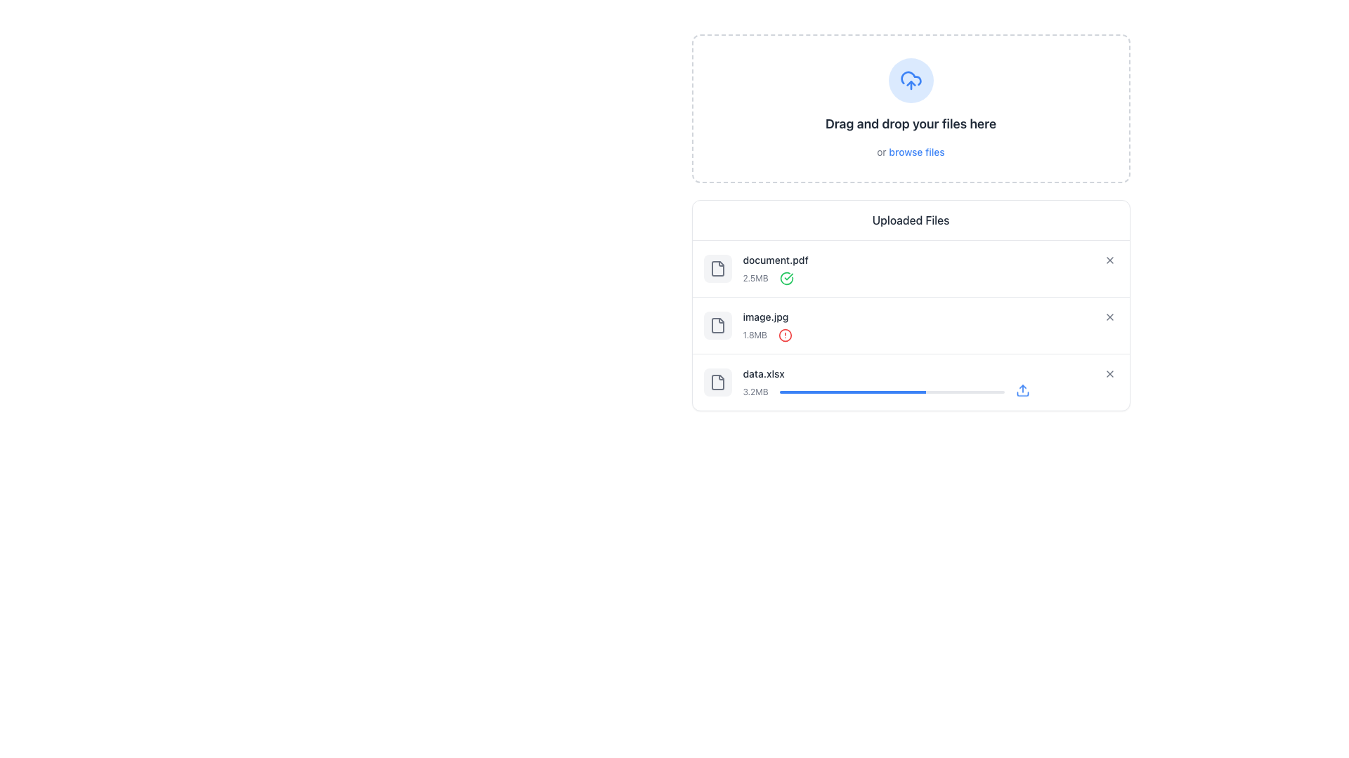  What do you see at coordinates (891, 392) in the screenshot?
I see `the progress value for 'data.xlsx' upload` at bounding box center [891, 392].